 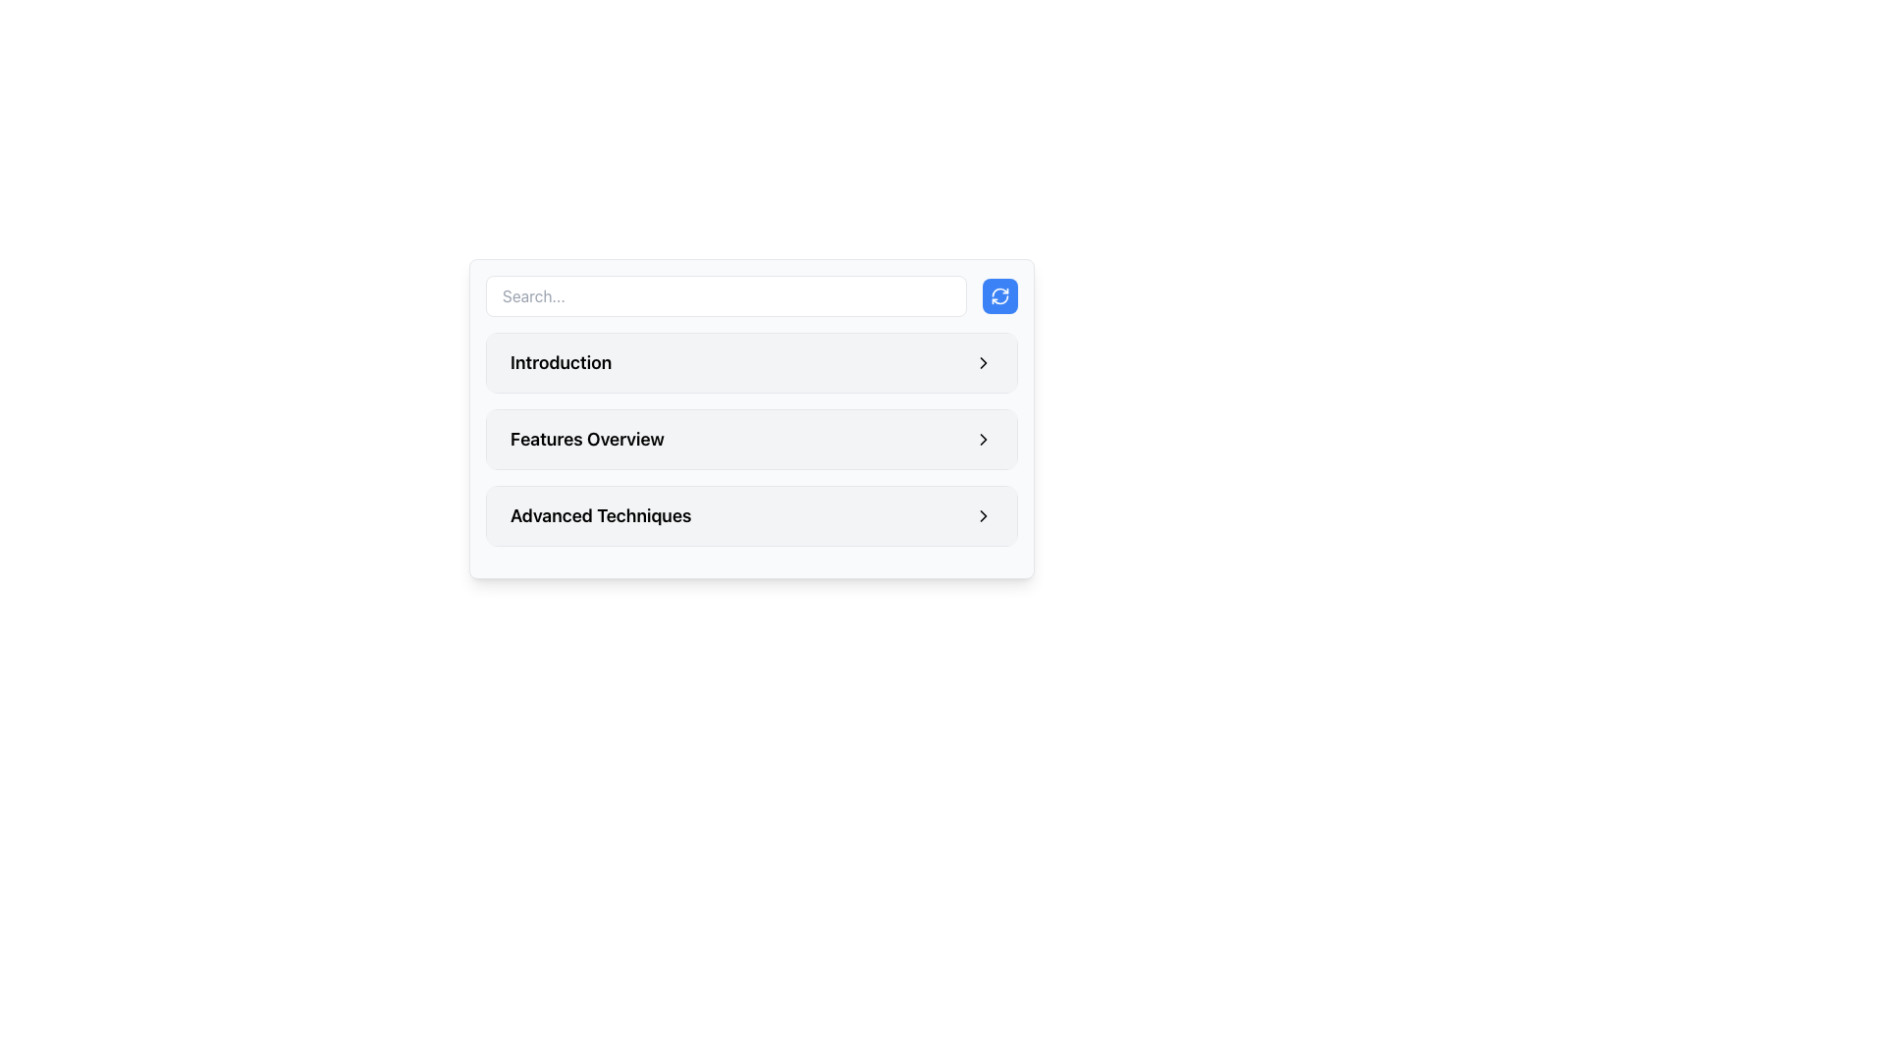 What do you see at coordinates (984, 438) in the screenshot?
I see `the right-facing chevron icon in the second list item, adjacent to the 'Features Overview' text` at bounding box center [984, 438].